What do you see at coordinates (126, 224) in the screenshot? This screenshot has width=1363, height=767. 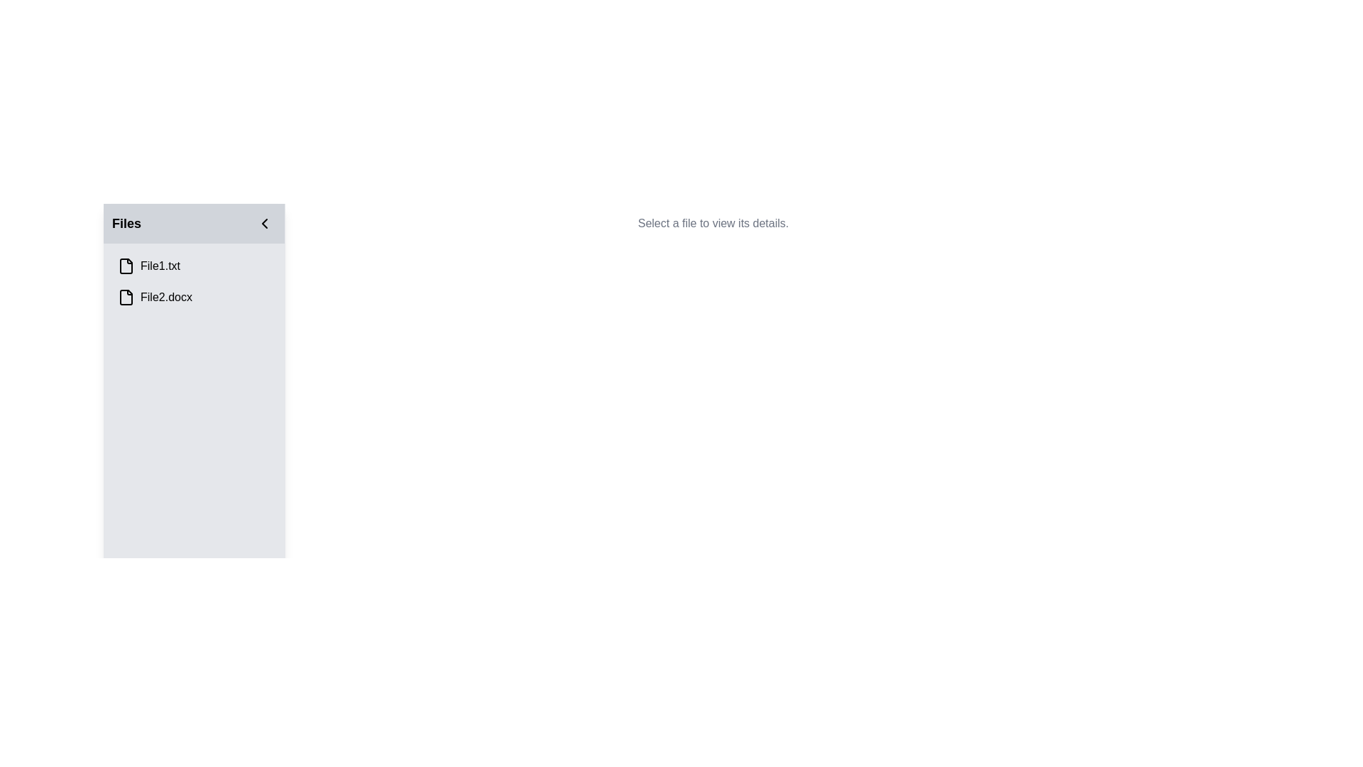 I see `the text label indicating content related to files, located in the top-left corner of the gray panel area, to the left of an arrow icon` at bounding box center [126, 224].